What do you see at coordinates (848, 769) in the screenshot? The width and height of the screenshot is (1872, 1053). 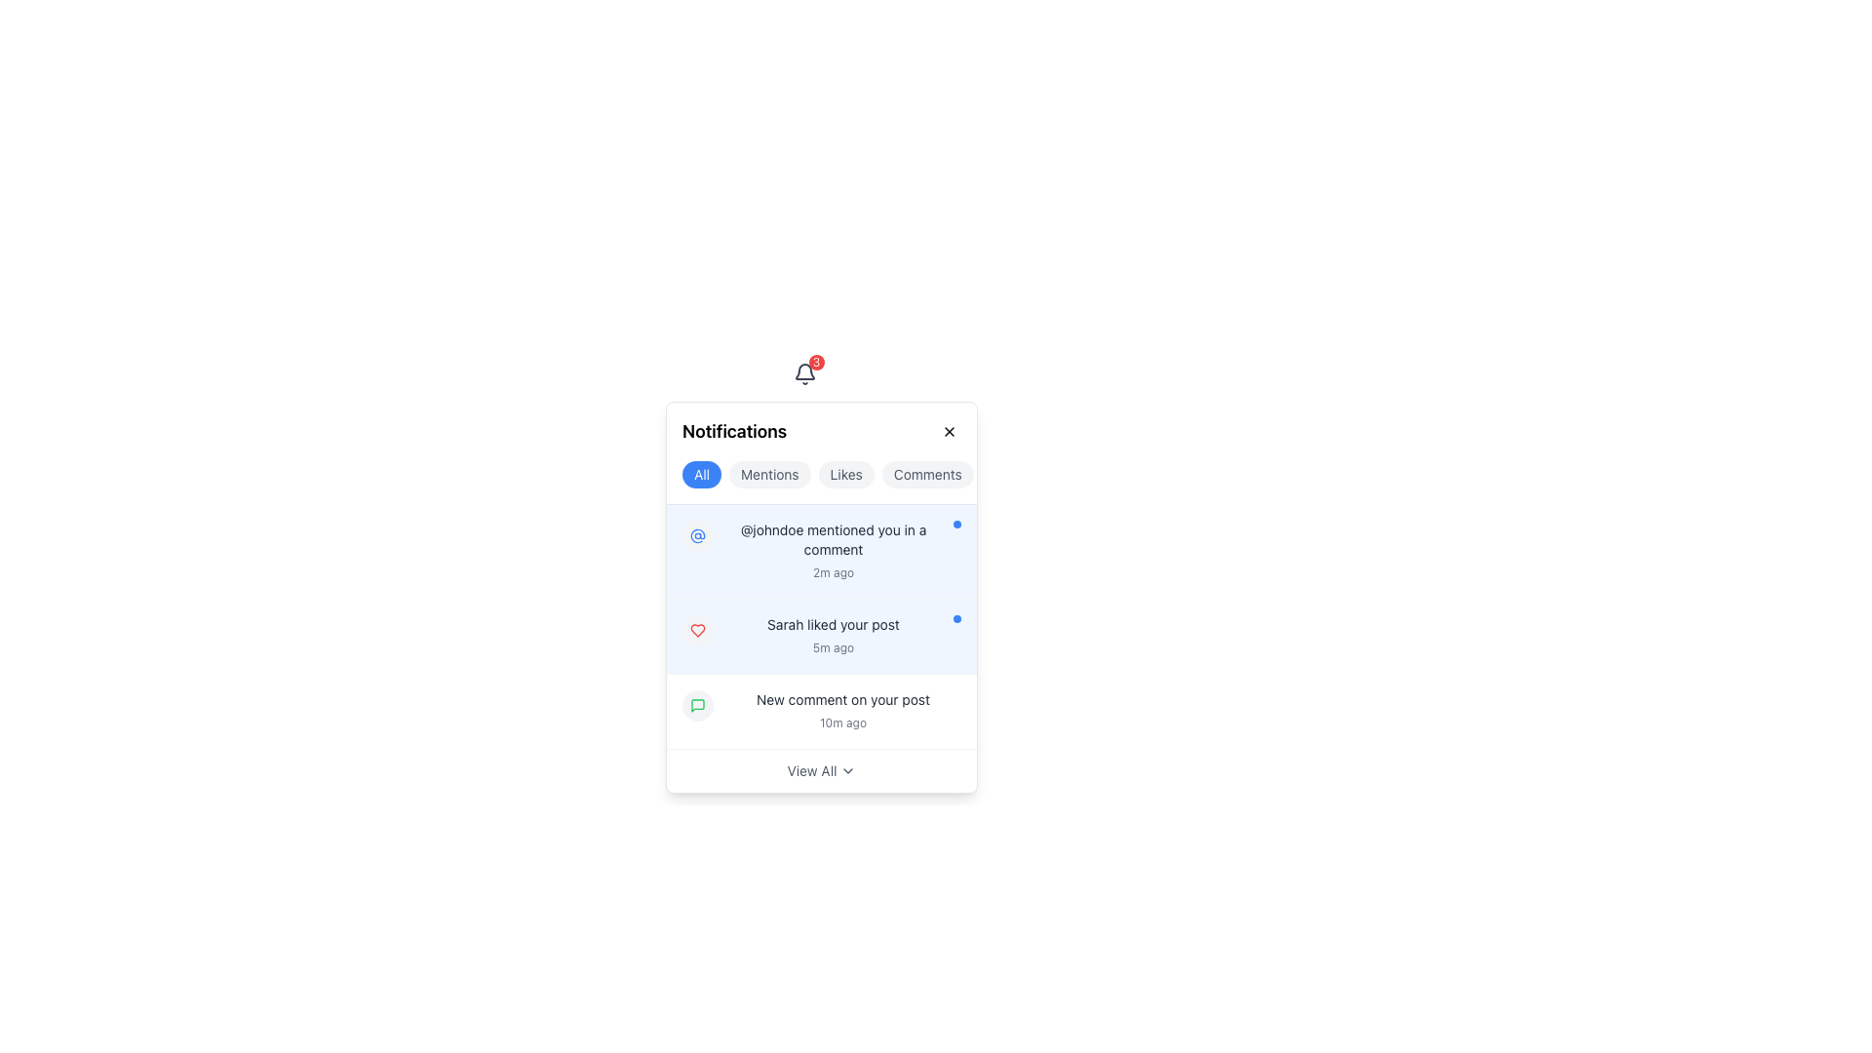 I see `the chevron icon located to the right of the 'View All' text within the 'View All' button at the bottom of the notification panel` at bounding box center [848, 769].